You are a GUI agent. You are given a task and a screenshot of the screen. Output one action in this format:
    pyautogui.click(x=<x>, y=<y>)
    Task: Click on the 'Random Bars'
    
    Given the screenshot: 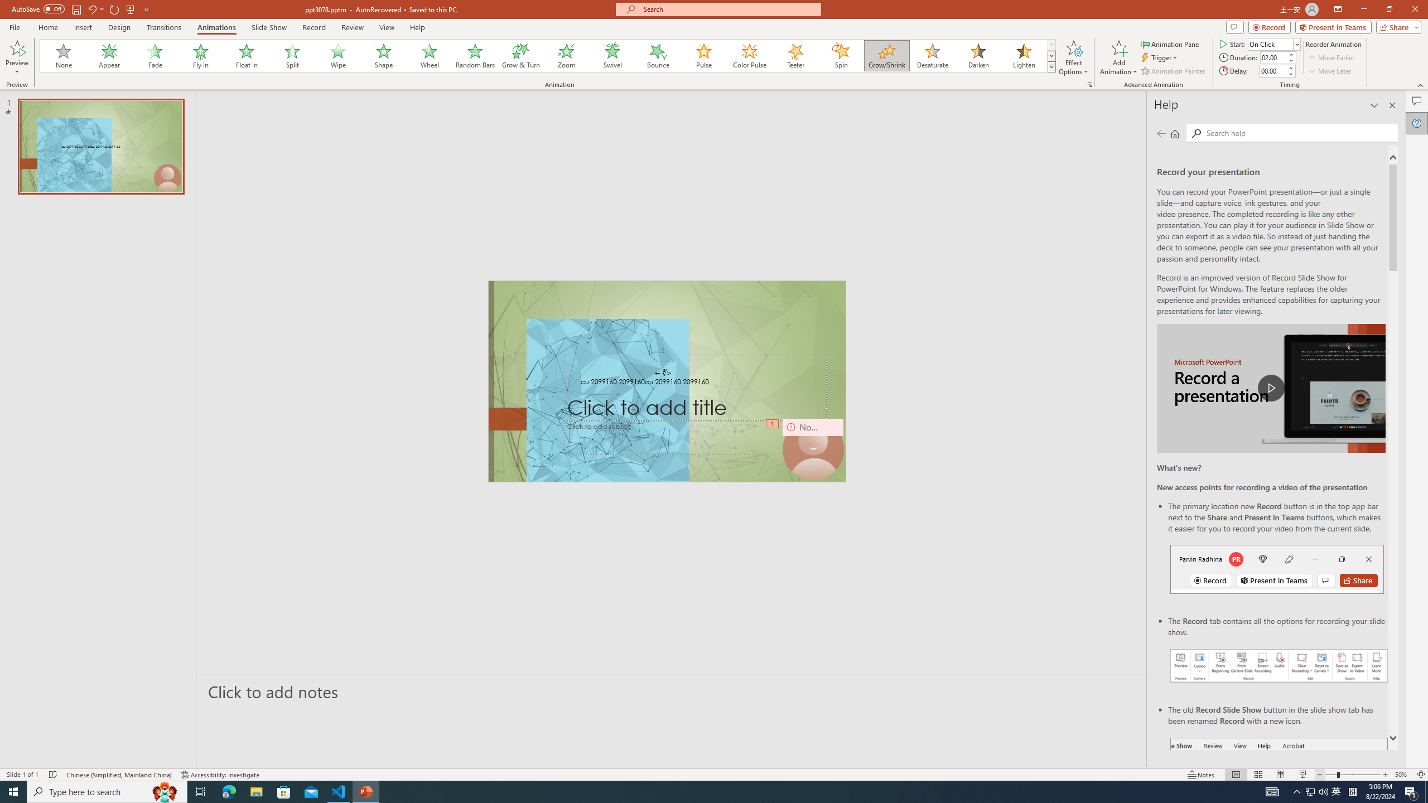 What is the action you would take?
    pyautogui.click(x=475, y=55)
    